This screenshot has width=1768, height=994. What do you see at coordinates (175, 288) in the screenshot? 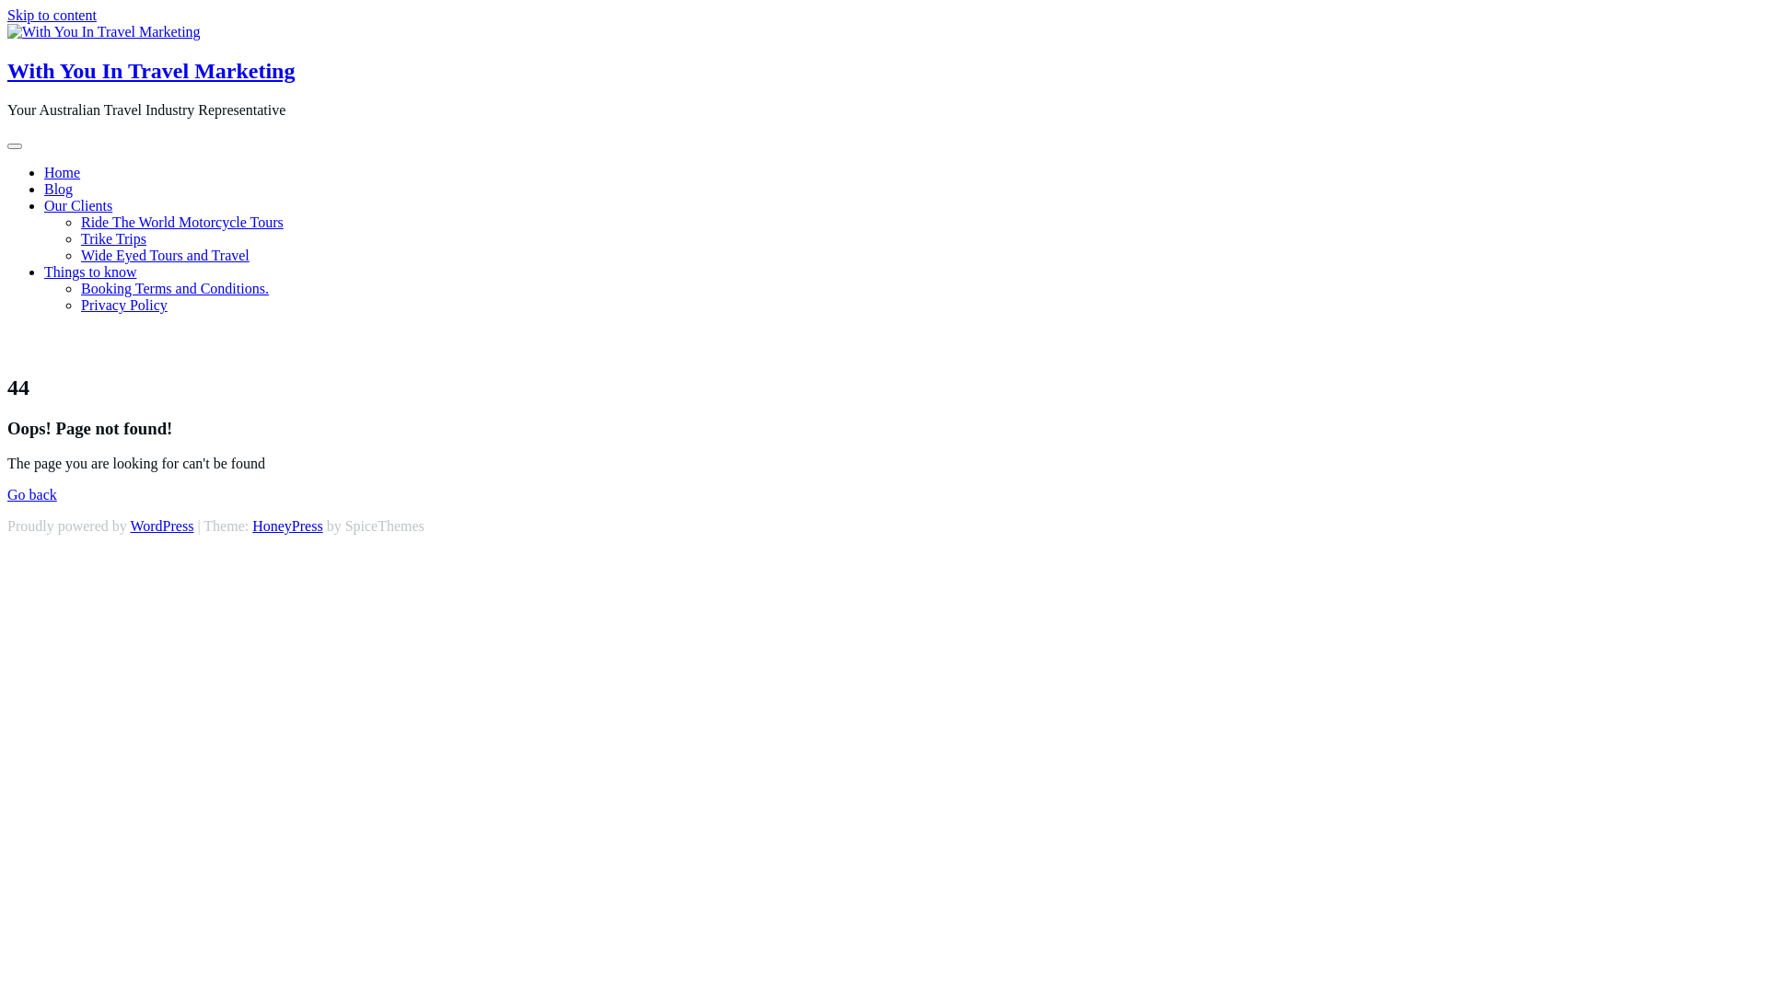
I see `'Booking Terms and Conditions.'` at bounding box center [175, 288].